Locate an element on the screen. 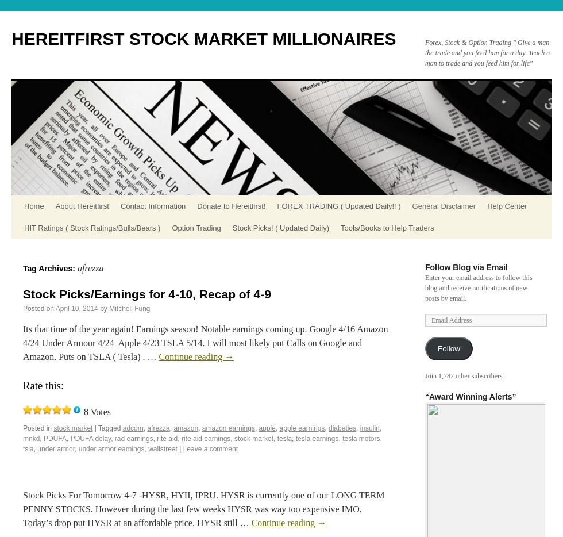 This screenshot has height=537, width=563. 'Enter your email address to follow this blog and receive notifications of new posts by email.' is located at coordinates (479, 287).